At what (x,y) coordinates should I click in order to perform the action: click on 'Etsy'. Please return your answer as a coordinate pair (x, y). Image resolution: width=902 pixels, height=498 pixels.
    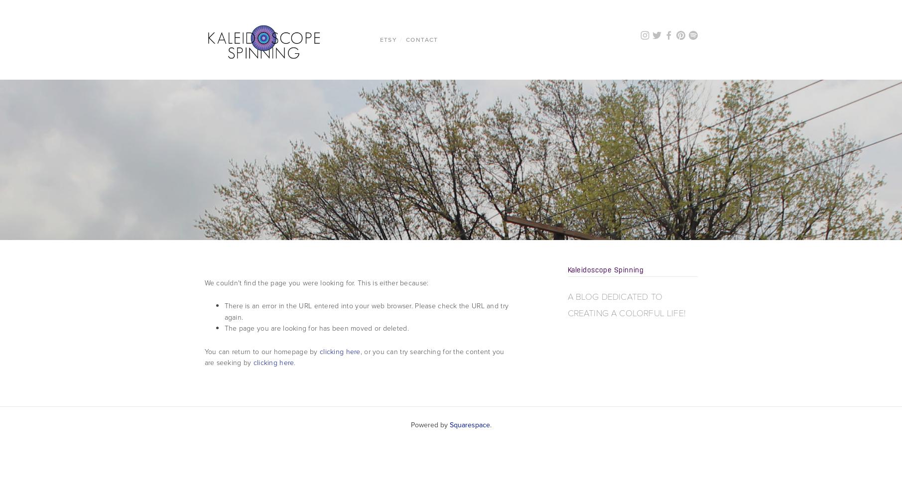
    Looking at the image, I should click on (387, 39).